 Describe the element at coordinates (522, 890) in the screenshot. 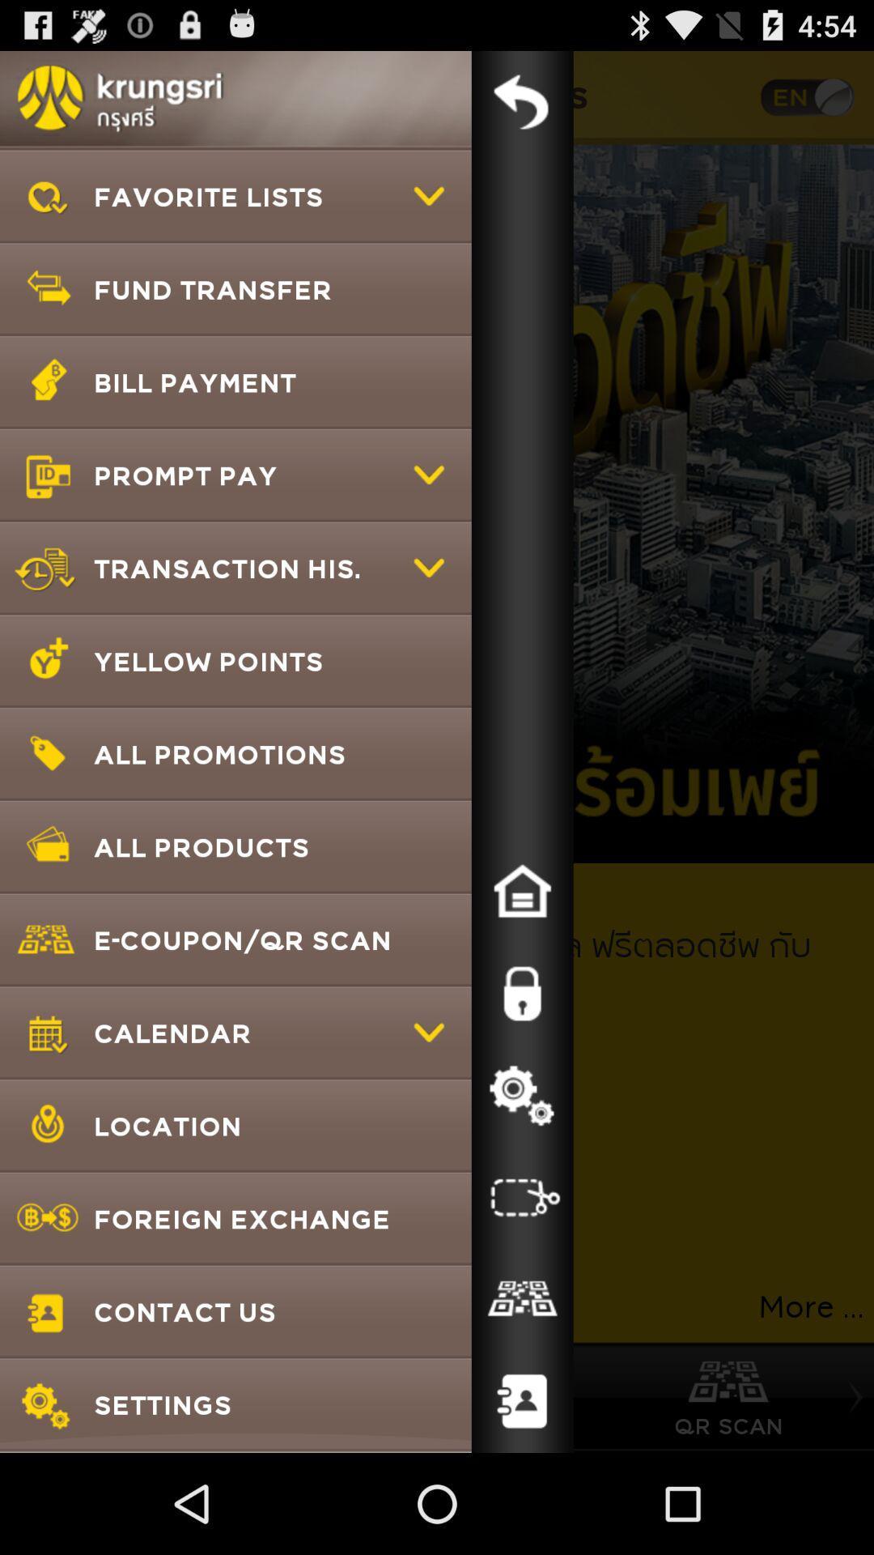

I see `home` at that location.